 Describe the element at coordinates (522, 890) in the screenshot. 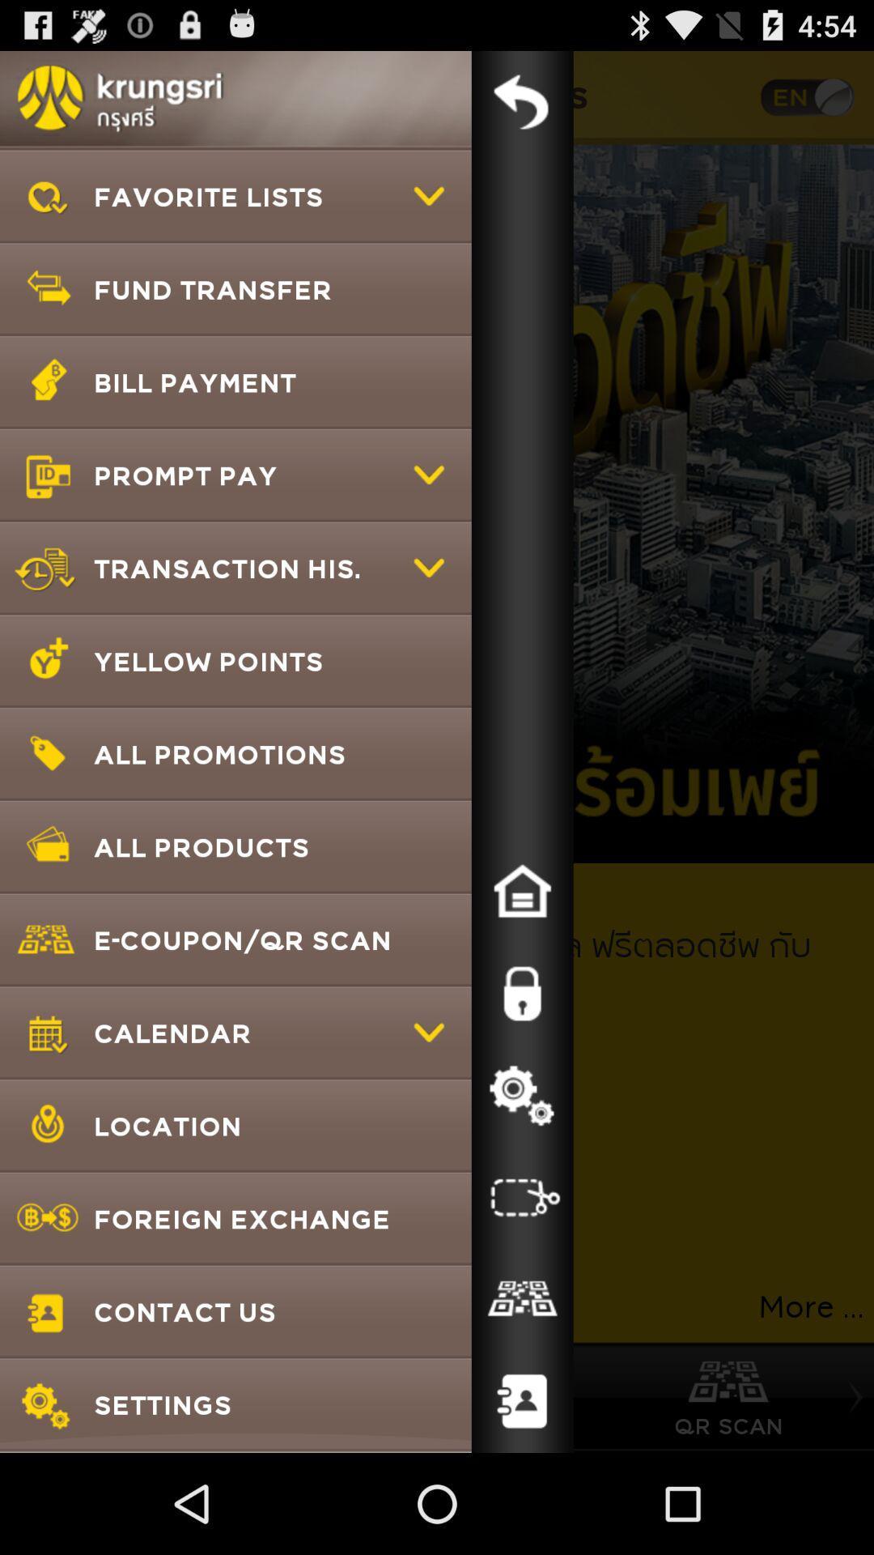

I see `home` at that location.